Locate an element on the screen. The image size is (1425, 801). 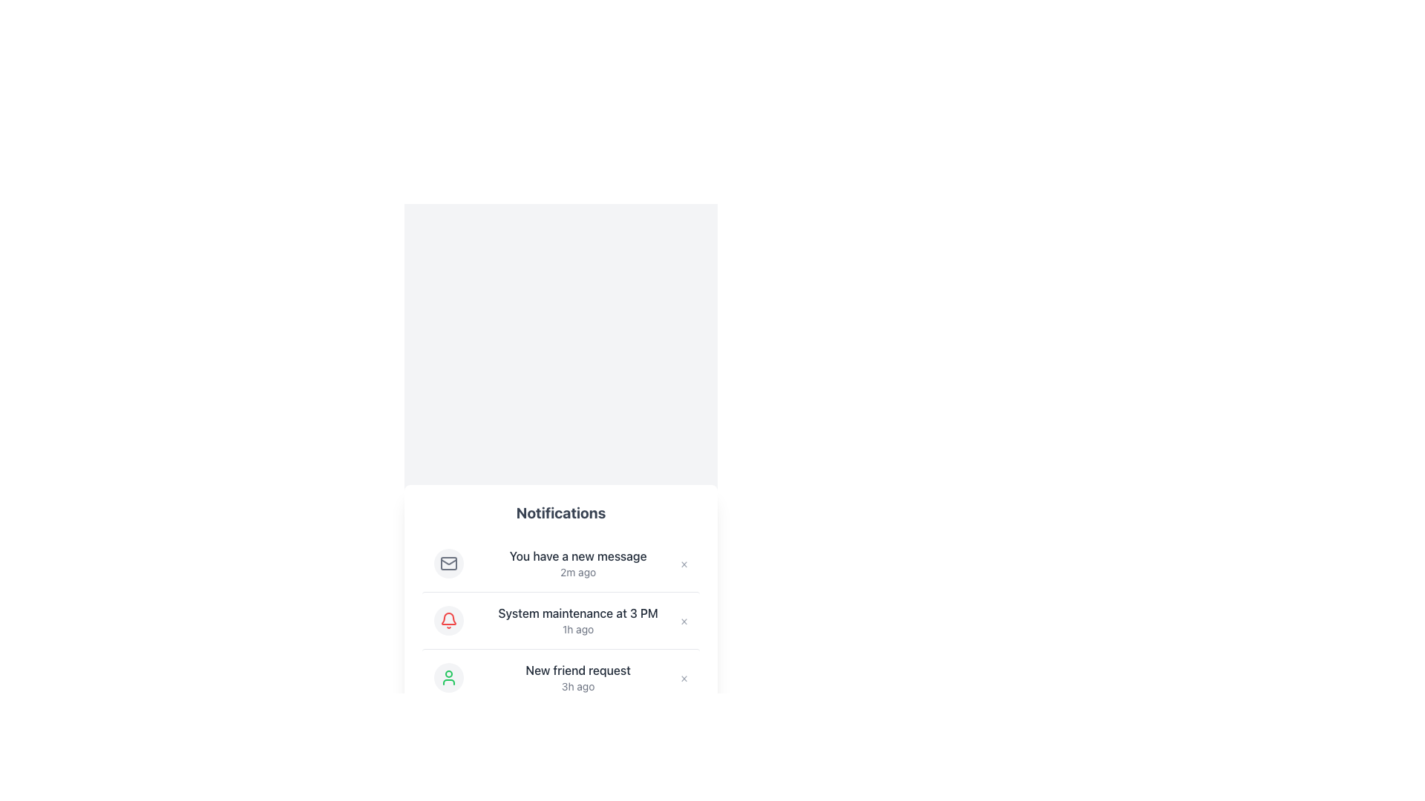
the mail or messaging icon that indicates a new message notification, which is positioned near the top left of the first notification item and aligned with the title text 'You have a new message' is located at coordinates (448, 563).